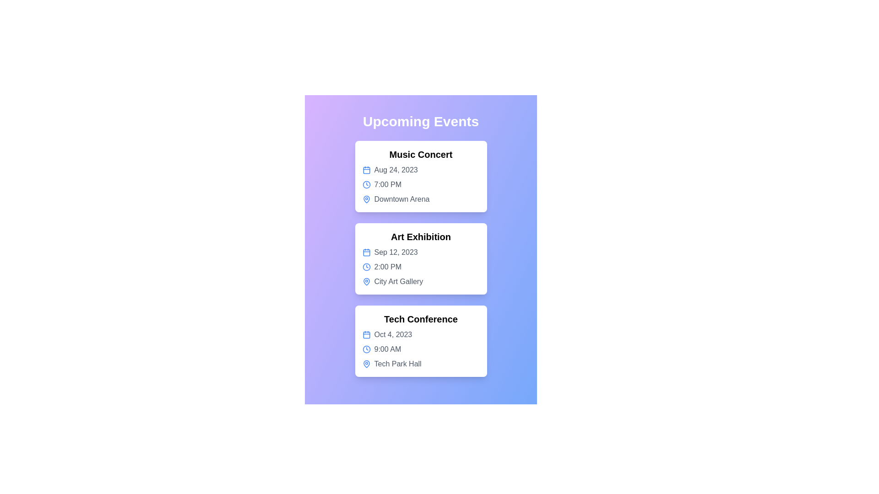 This screenshot has height=494, width=879. Describe the element at coordinates (420, 341) in the screenshot. I see `the informational card titled 'Tech Conference' which is the third card in a vertical stack of three cards. This card features a white background, rounded corners, and contains details about the event such as the date, time, and location` at that location.